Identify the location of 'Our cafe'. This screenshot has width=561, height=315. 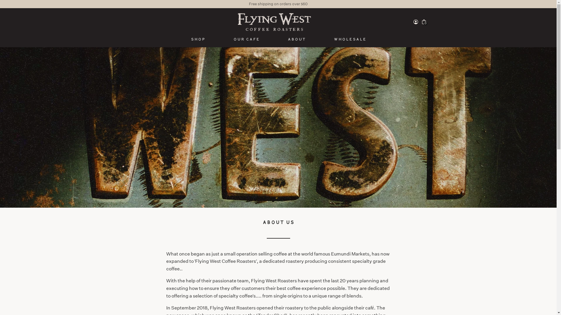
(233, 39).